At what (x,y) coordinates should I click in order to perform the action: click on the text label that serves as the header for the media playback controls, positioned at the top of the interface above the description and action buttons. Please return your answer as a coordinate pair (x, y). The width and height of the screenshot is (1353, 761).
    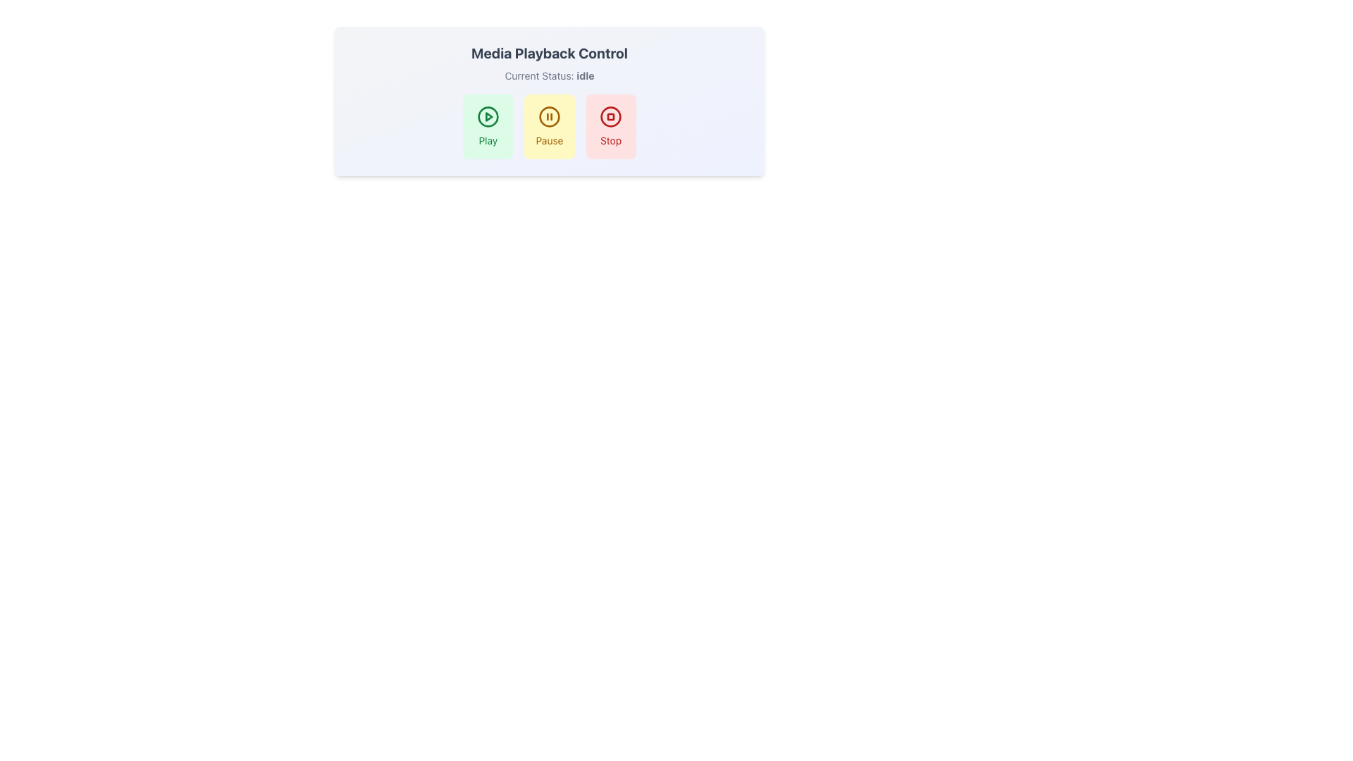
    Looking at the image, I should click on (548, 53).